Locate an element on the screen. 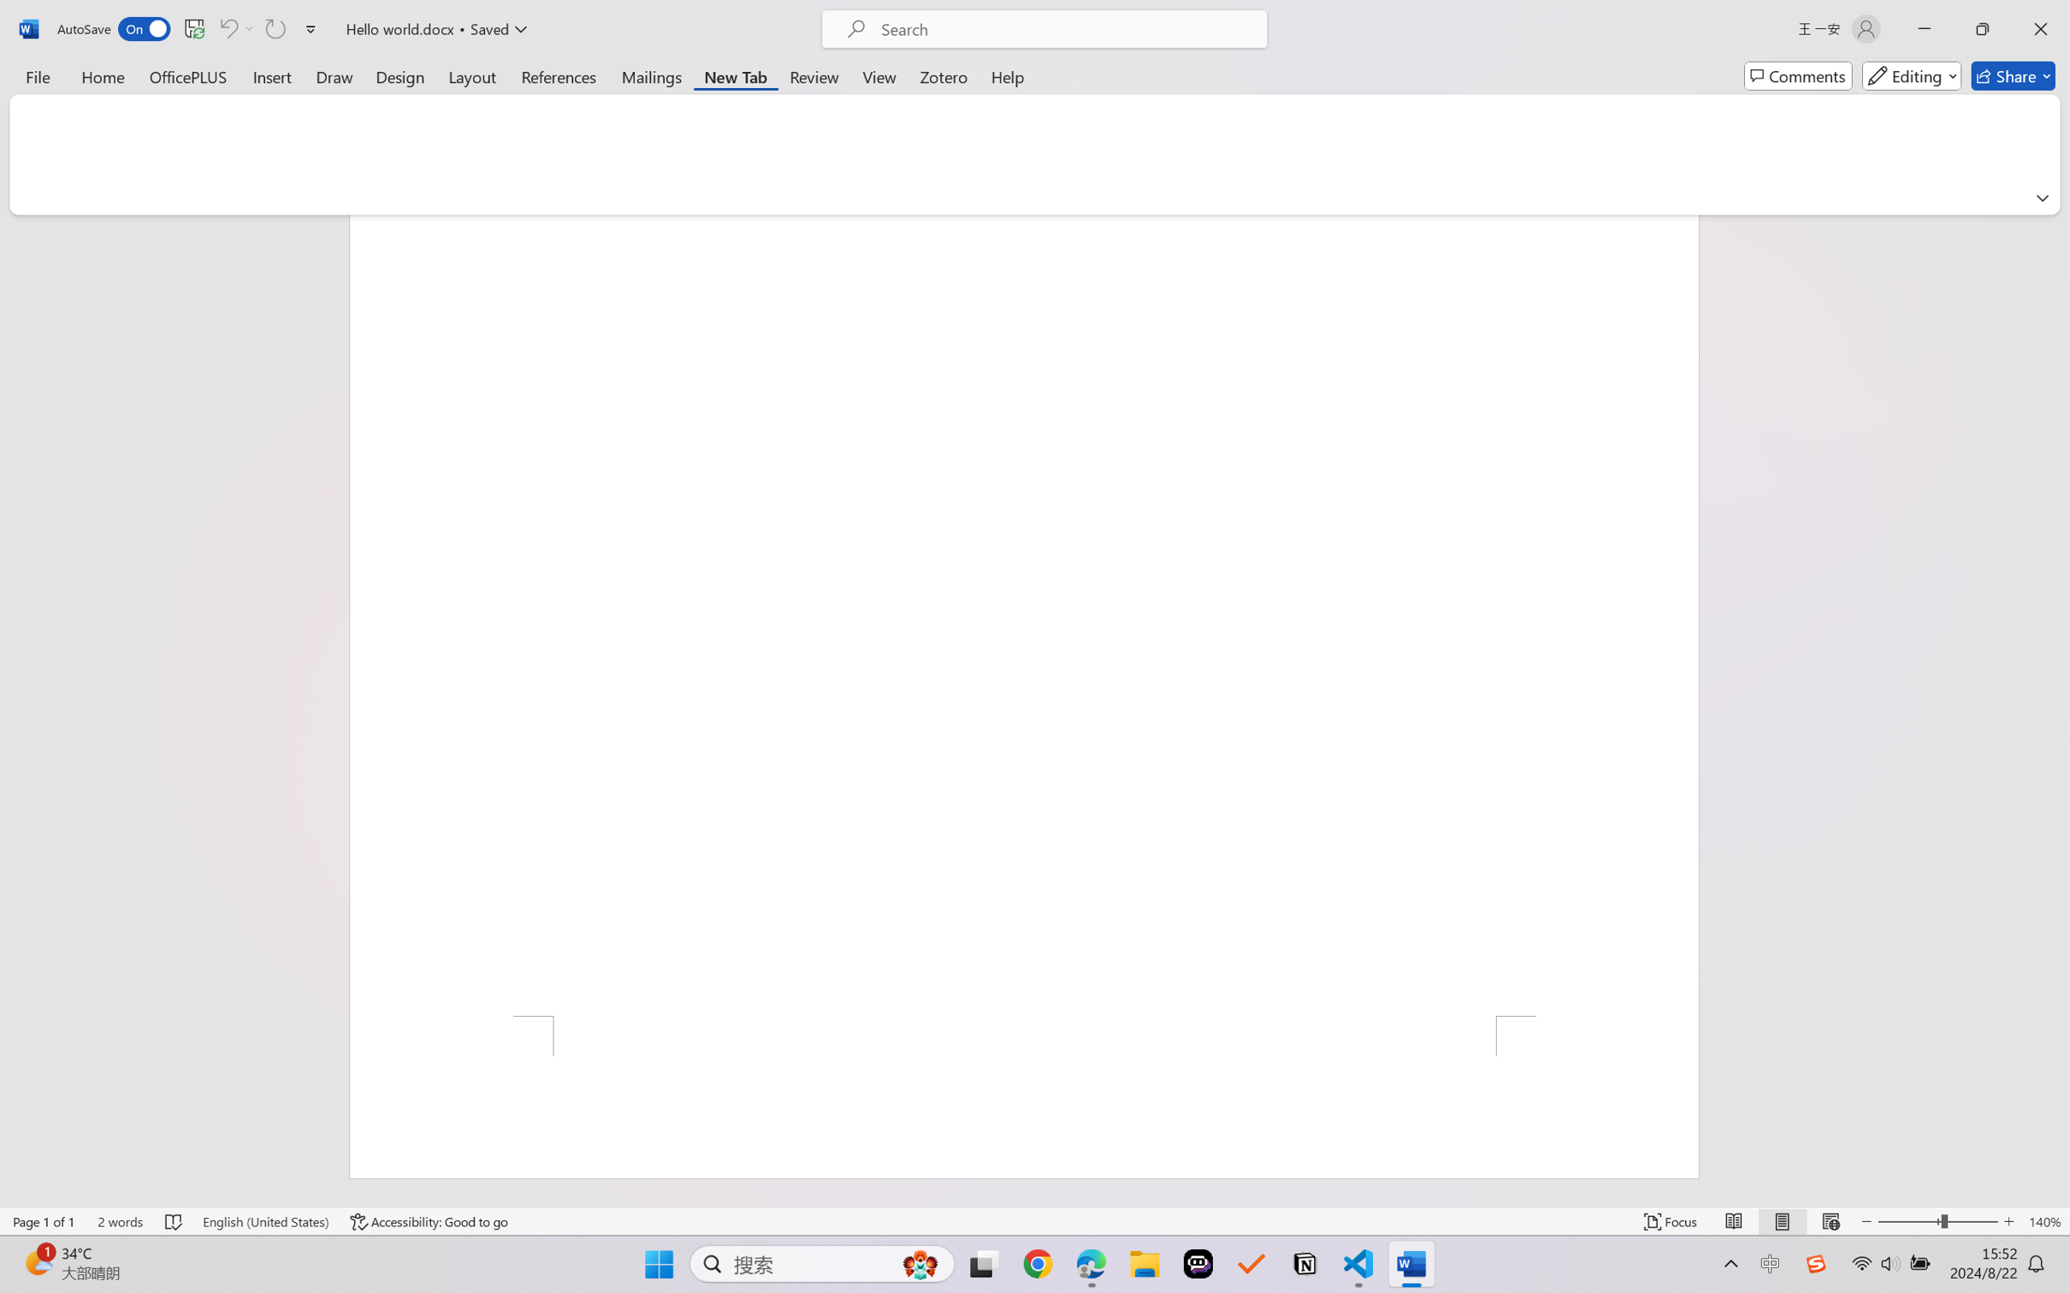  'Can' is located at coordinates (234, 28).